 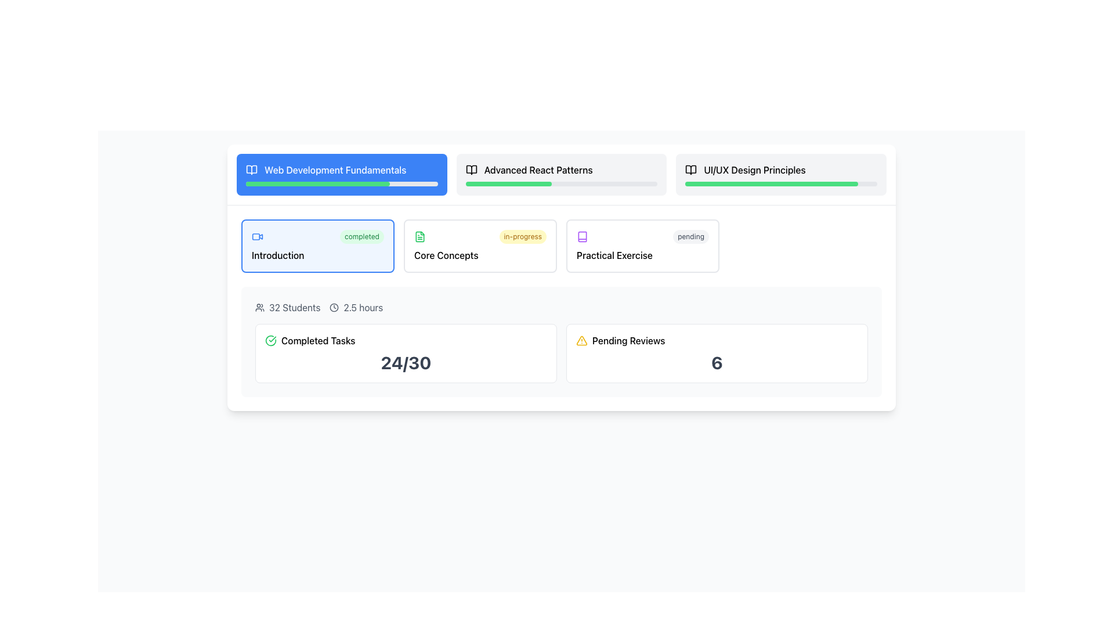 What do you see at coordinates (356, 307) in the screenshot?
I see `the text element indicating duration or time-related information located in the bottom section of the 'Web Development Fundamentals' module, positioned to the right of the '32 Students' text` at bounding box center [356, 307].